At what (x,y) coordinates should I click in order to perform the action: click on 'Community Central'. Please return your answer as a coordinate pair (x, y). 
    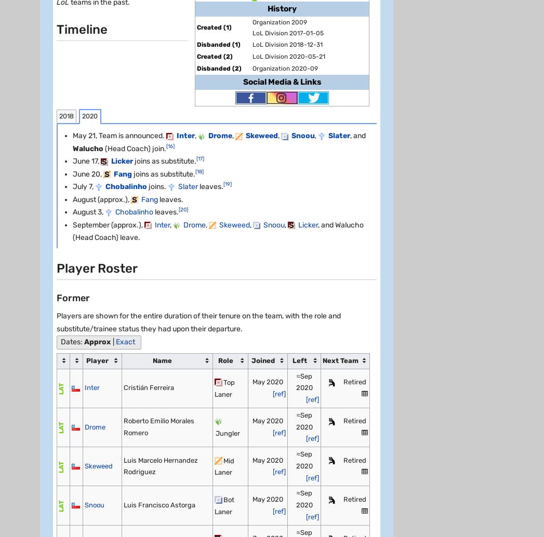
    Looking at the image, I should click on (75, 519).